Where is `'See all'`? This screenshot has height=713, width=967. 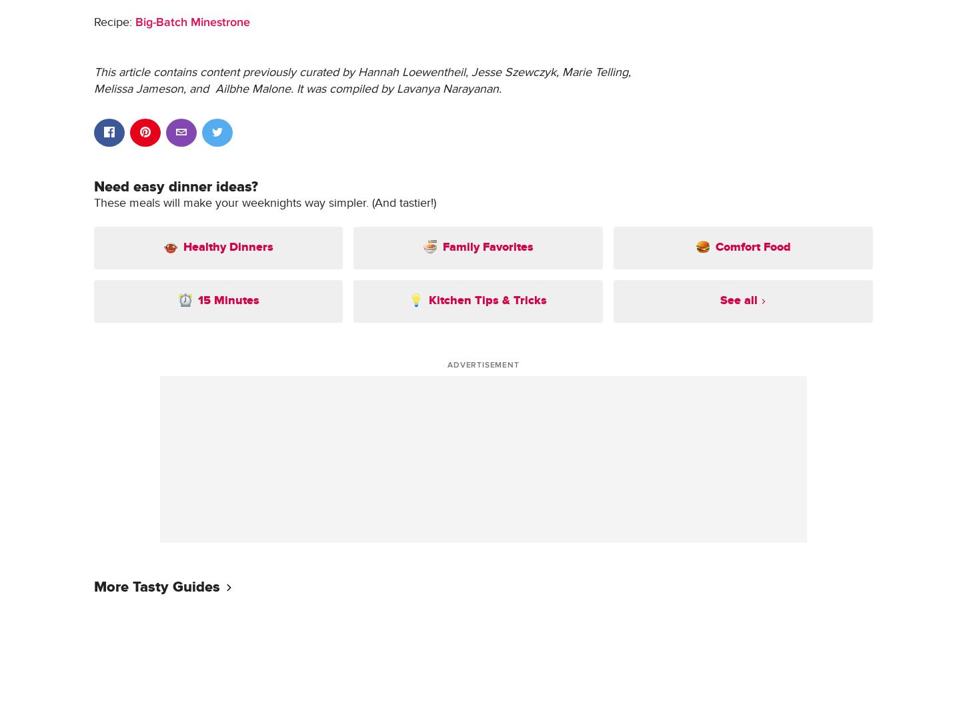
'See all' is located at coordinates (737, 300).